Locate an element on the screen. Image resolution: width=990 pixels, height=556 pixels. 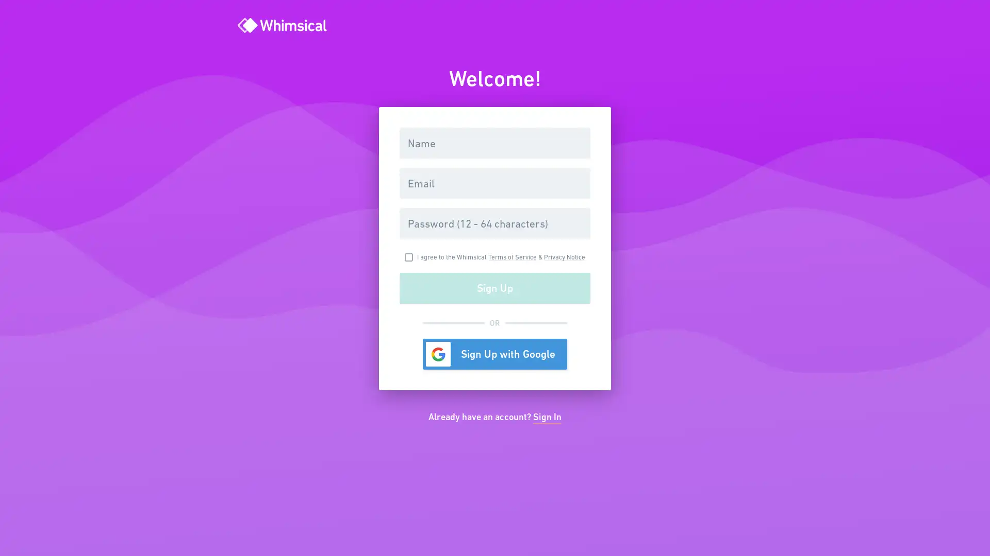
Sign Up with Google is located at coordinates (495, 353).